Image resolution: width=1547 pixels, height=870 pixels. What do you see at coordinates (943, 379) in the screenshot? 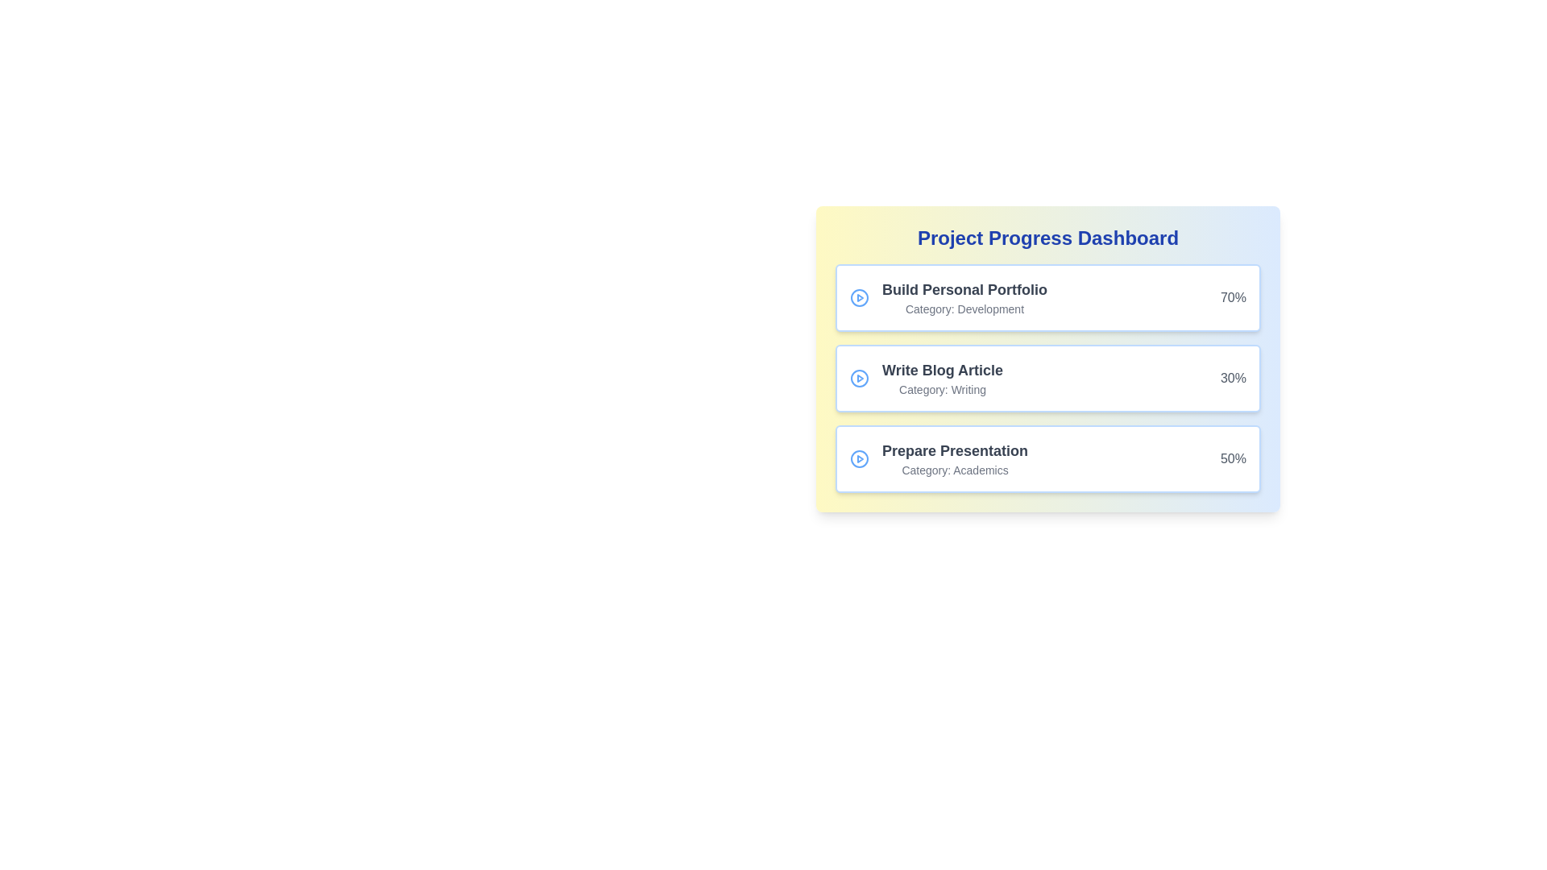
I see `the text display element that shows 'Write Blog Article' and 'Category: Writing' on the Project Progress Dashboard` at bounding box center [943, 379].